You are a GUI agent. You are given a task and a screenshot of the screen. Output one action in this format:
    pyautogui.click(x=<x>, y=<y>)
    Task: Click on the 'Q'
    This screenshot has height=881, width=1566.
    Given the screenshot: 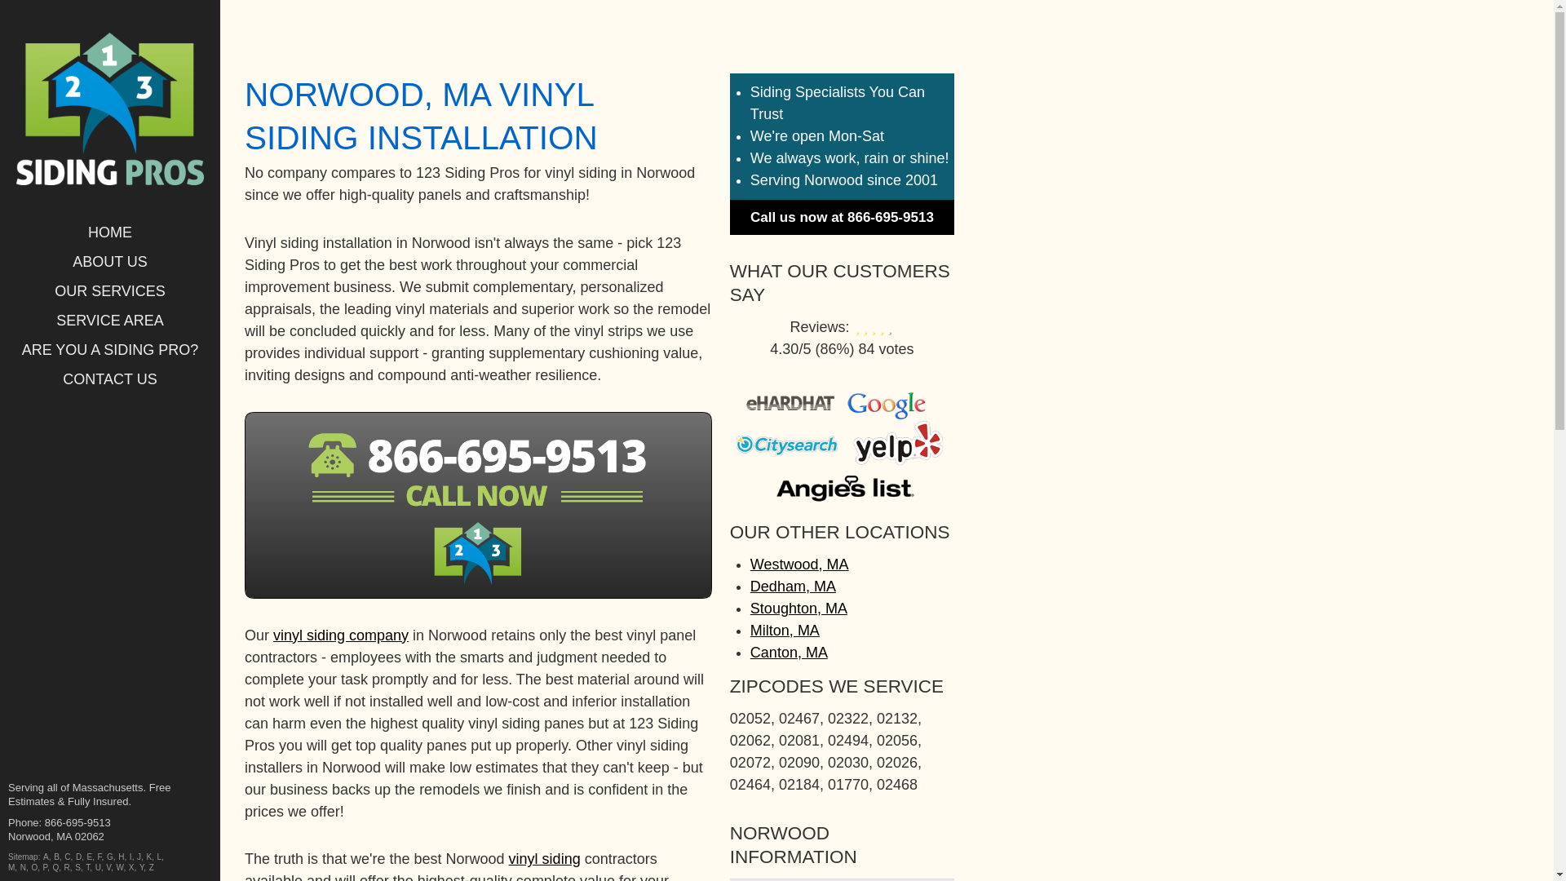 What is the action you would take?
    pyautogui.click(x=51, y=866)
    